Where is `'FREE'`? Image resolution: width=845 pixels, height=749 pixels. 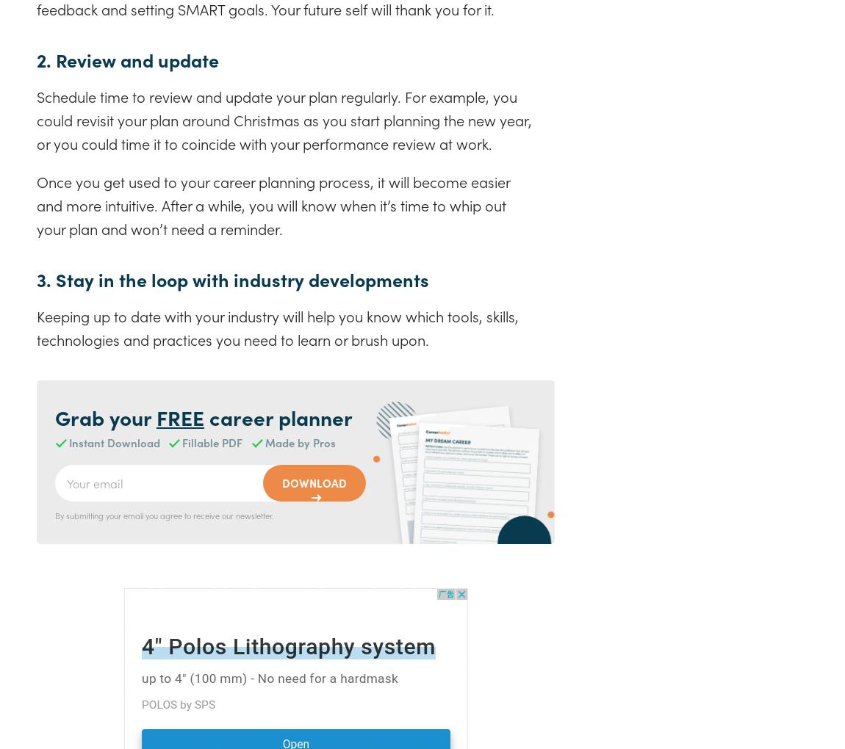
'FREE' is located at coordinates (179, 416).